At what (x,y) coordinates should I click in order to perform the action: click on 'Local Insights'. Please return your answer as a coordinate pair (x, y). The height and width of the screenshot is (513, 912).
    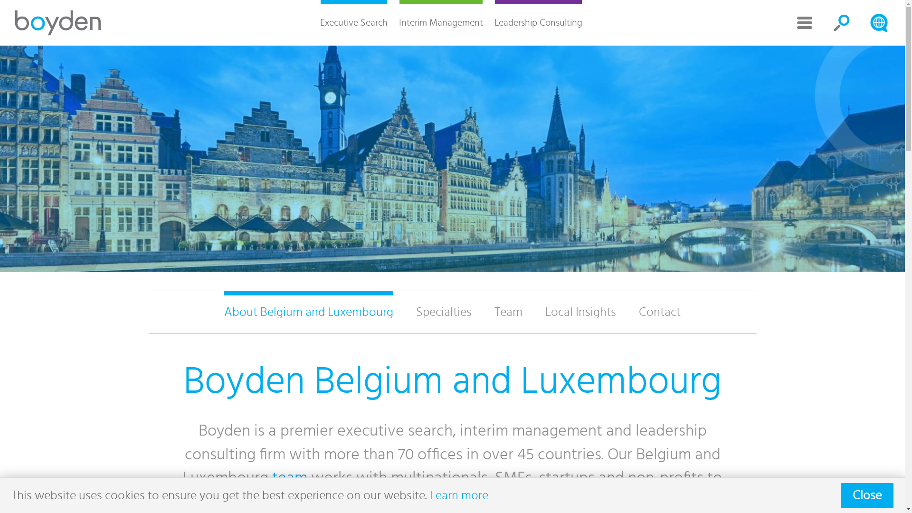
    Looking at the image, I should click on (533, 312).